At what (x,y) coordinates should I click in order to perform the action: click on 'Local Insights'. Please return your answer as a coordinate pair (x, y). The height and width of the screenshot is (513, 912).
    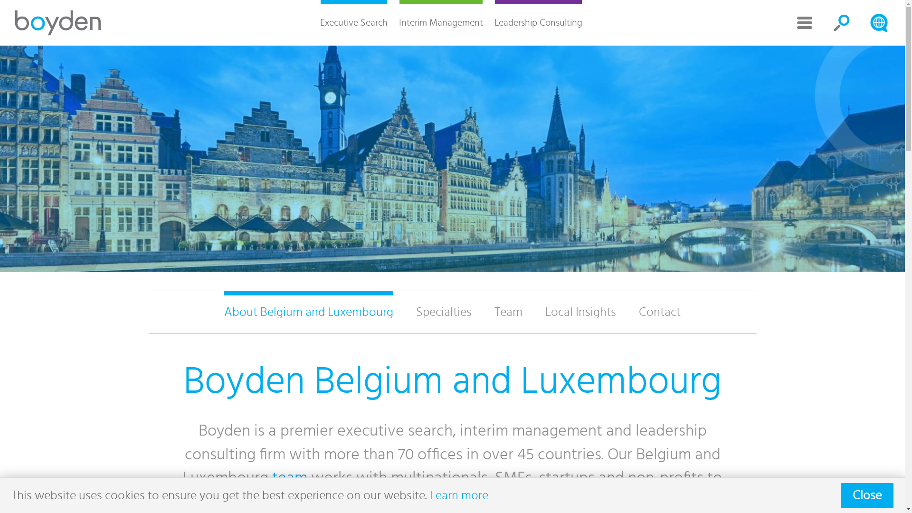
    Looking at the image, I should click on (533, 312).